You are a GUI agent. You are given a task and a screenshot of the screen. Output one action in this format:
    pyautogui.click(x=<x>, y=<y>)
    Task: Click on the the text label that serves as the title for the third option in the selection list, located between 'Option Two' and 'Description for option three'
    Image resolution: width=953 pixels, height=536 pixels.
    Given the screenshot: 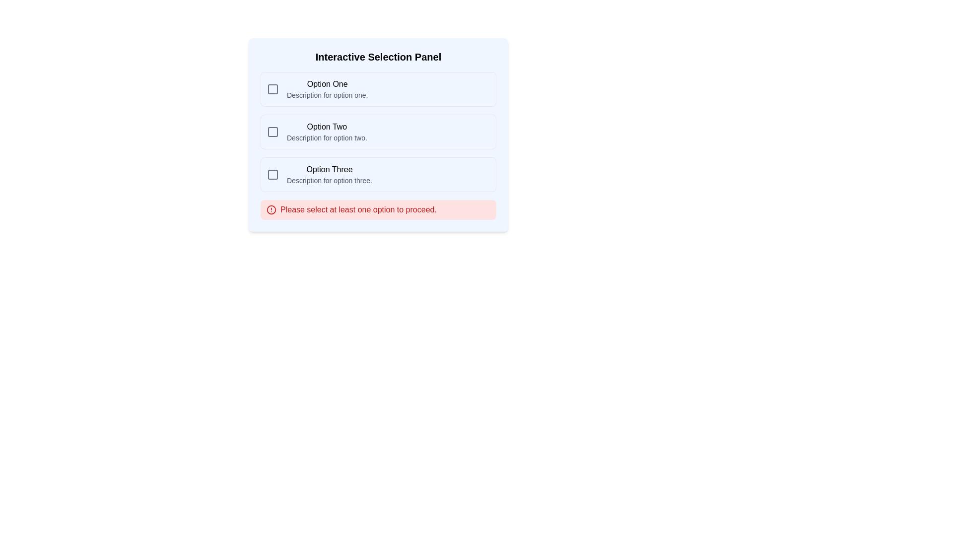 What is the action you would take?
    pyautogui.click(x=329, y=169)
    